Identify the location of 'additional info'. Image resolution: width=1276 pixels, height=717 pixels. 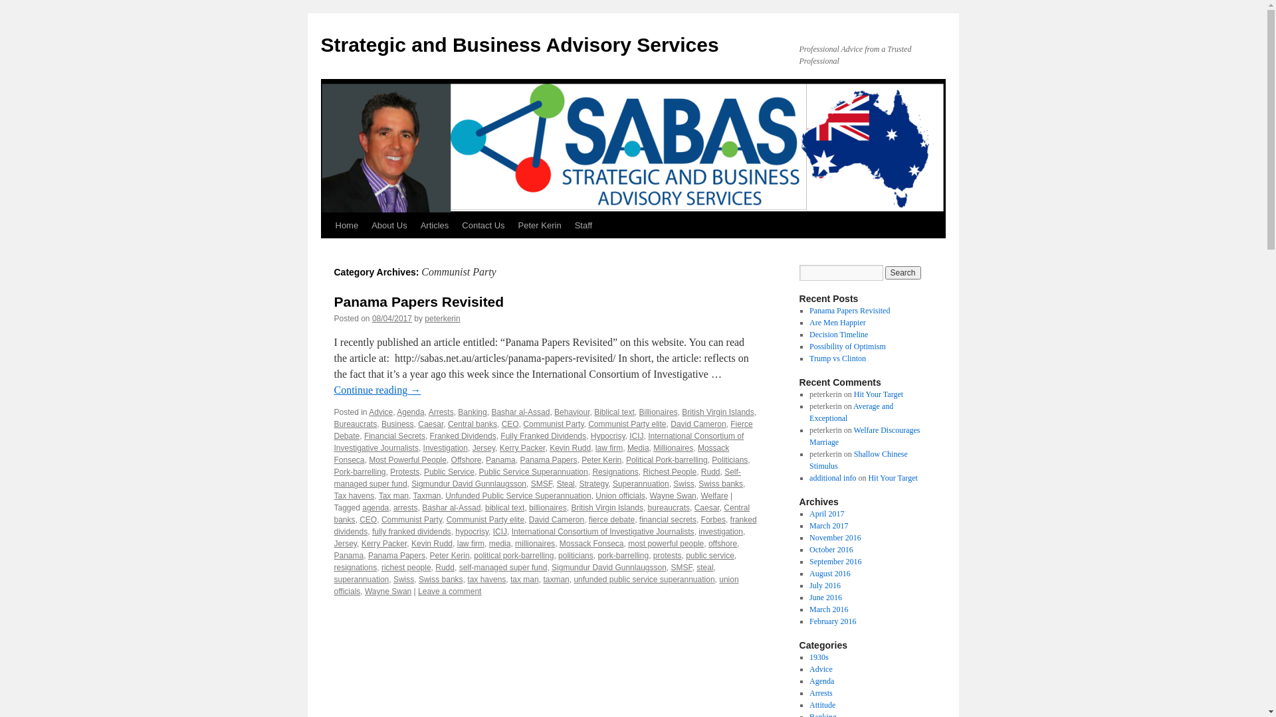
(831, 478).